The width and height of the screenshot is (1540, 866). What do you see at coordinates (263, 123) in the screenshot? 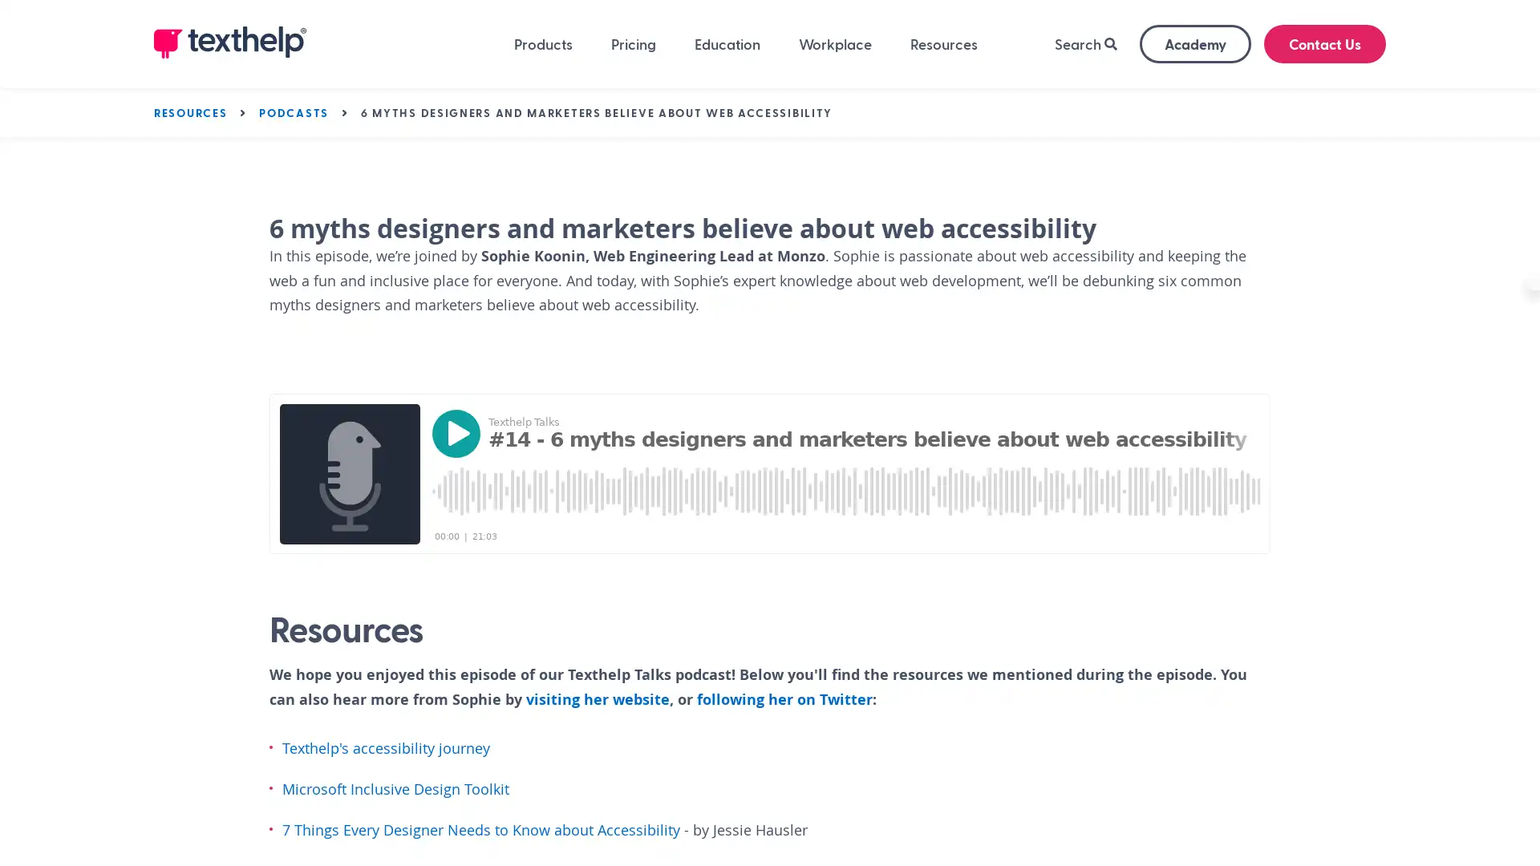
I see `Toggle Navigation` at bounding box center [263, 123].